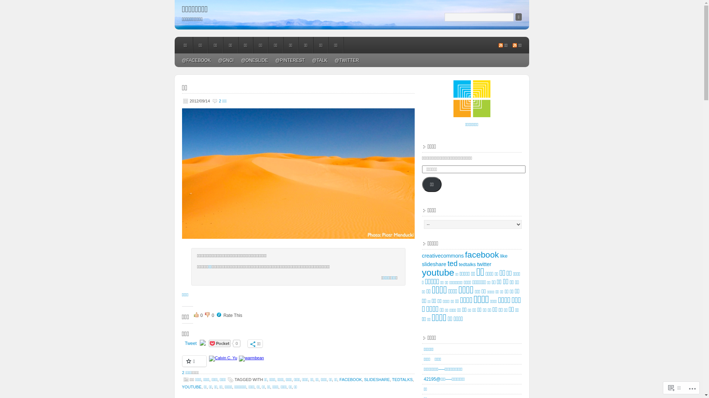  Describe the element at coordinates (402, 379) in the screenshot. I see `'TEDTALKS'` at that location.